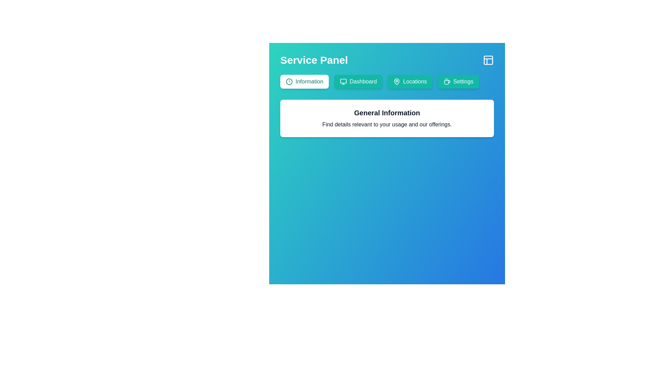  I want to click on Header Text element located at the top of the white rectangular section below the 'Service Panel' heading, which summarizes the content or purpose of the section, so click(387, 113).